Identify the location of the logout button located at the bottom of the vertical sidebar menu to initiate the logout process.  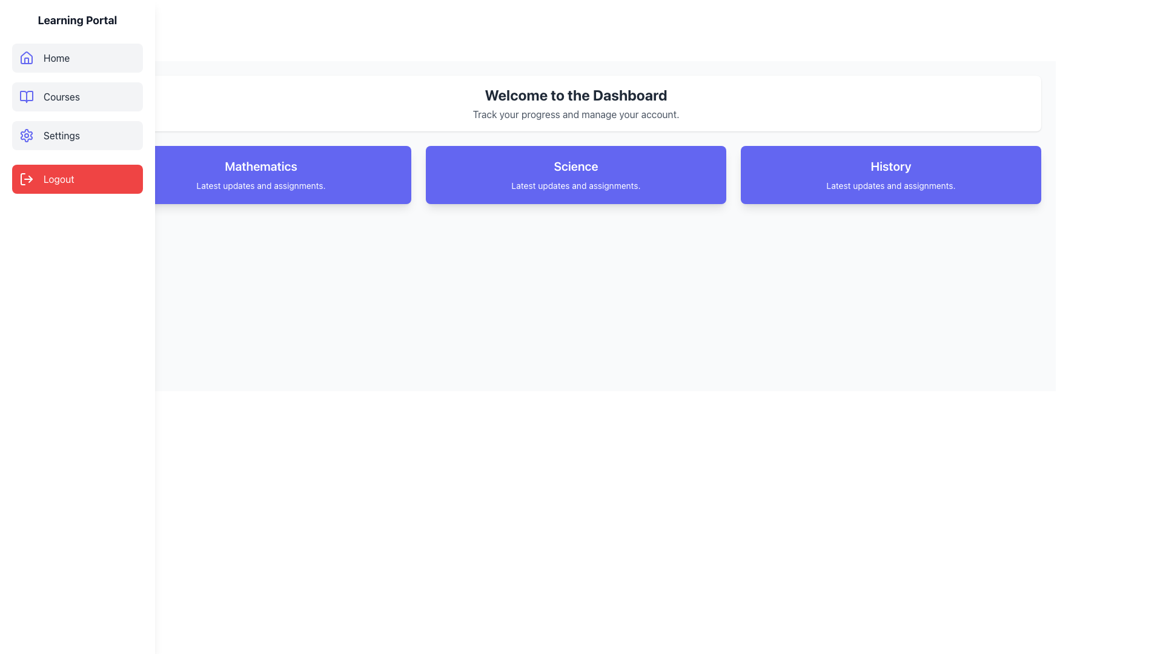
(77, 179).